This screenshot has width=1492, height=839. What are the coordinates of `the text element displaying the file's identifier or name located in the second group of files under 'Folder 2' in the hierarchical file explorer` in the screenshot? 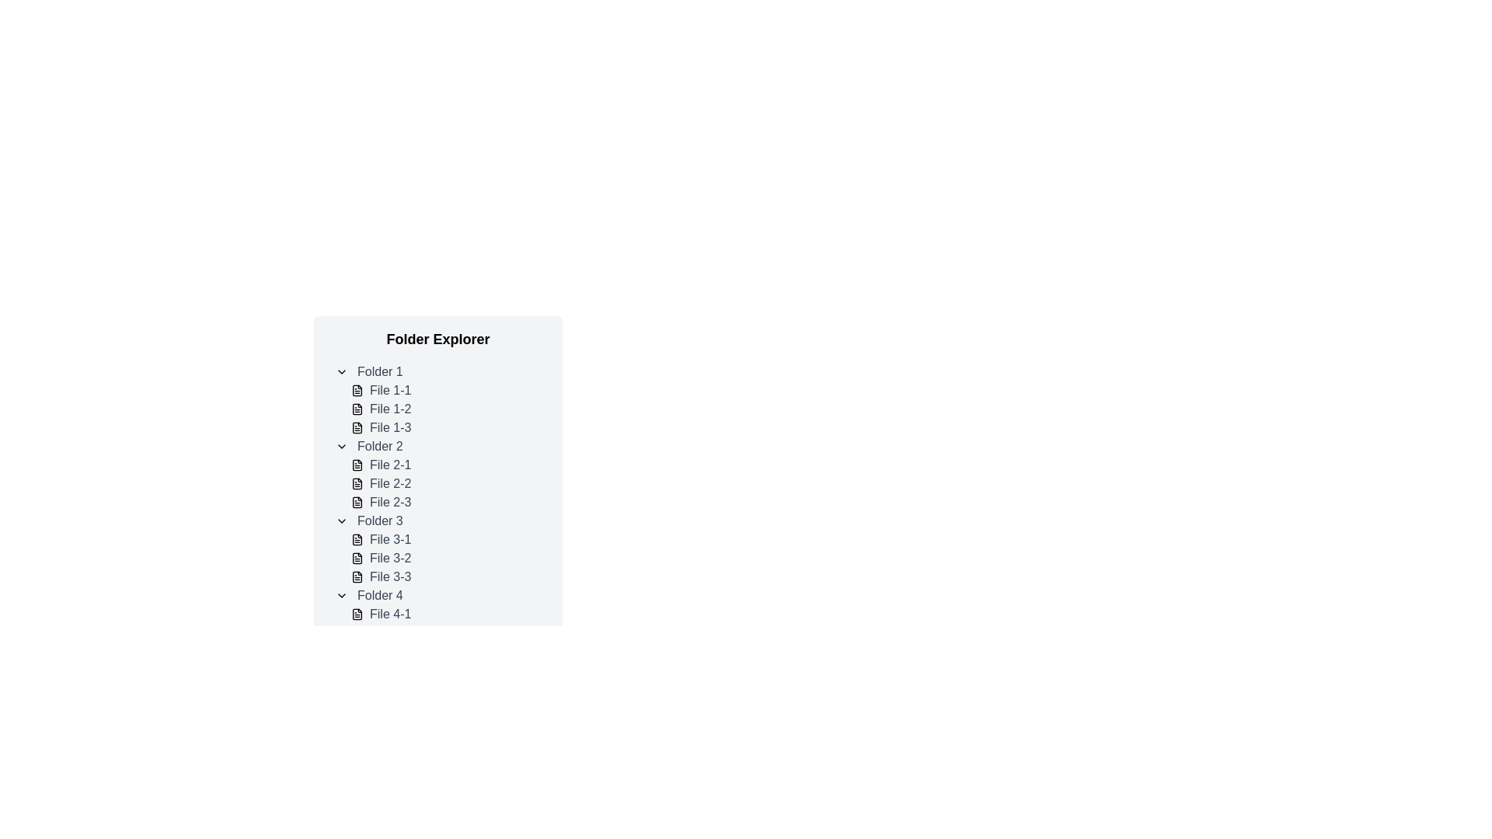 It's located at (390, 483).